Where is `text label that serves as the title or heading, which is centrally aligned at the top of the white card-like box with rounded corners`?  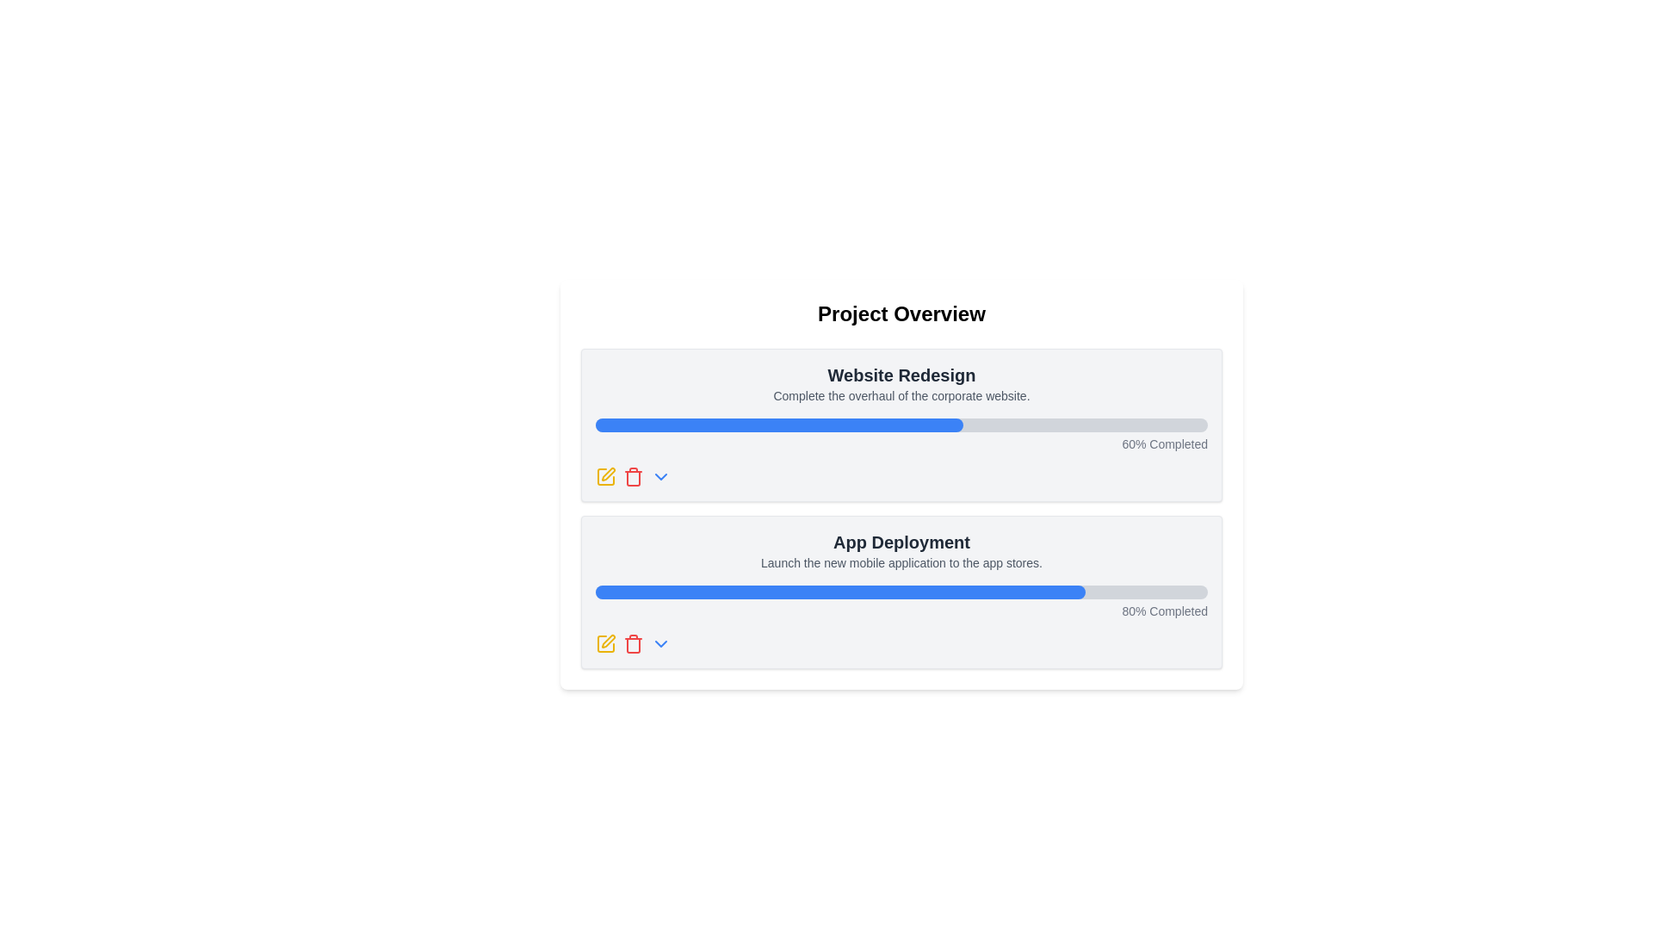 text label that serves as the title or heading, which is centrally aligned at the top of the white card-like box with rounded corners is located at coordinates (901, 314).